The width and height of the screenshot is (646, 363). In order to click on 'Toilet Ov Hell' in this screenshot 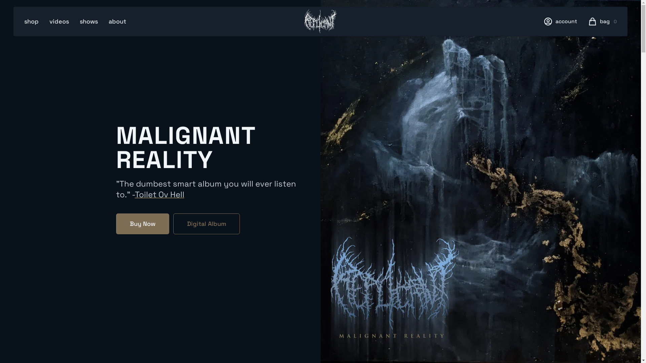, I will do `click(159, 194)`.